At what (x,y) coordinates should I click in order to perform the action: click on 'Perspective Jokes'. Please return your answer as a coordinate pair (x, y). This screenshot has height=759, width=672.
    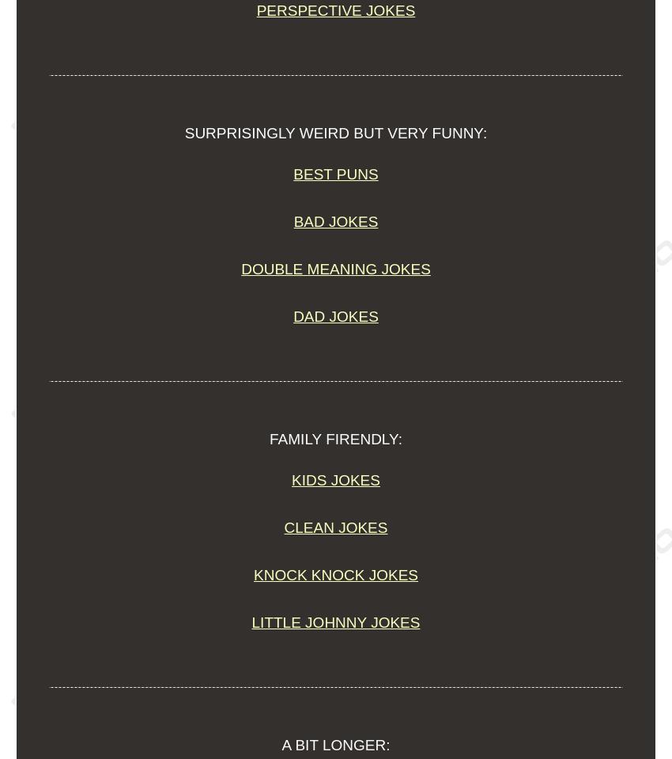
    Looking at the image, I should click on (256, 9).